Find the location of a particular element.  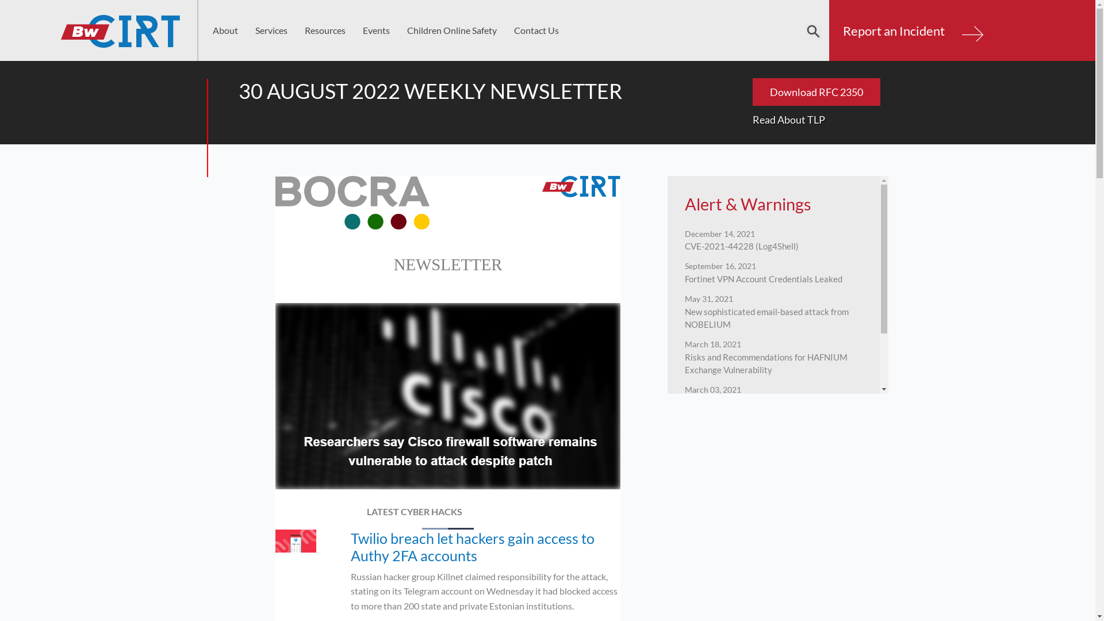

'New sophisticated email-based attack from NOBELIUM' is located at coordinates (766, 315).